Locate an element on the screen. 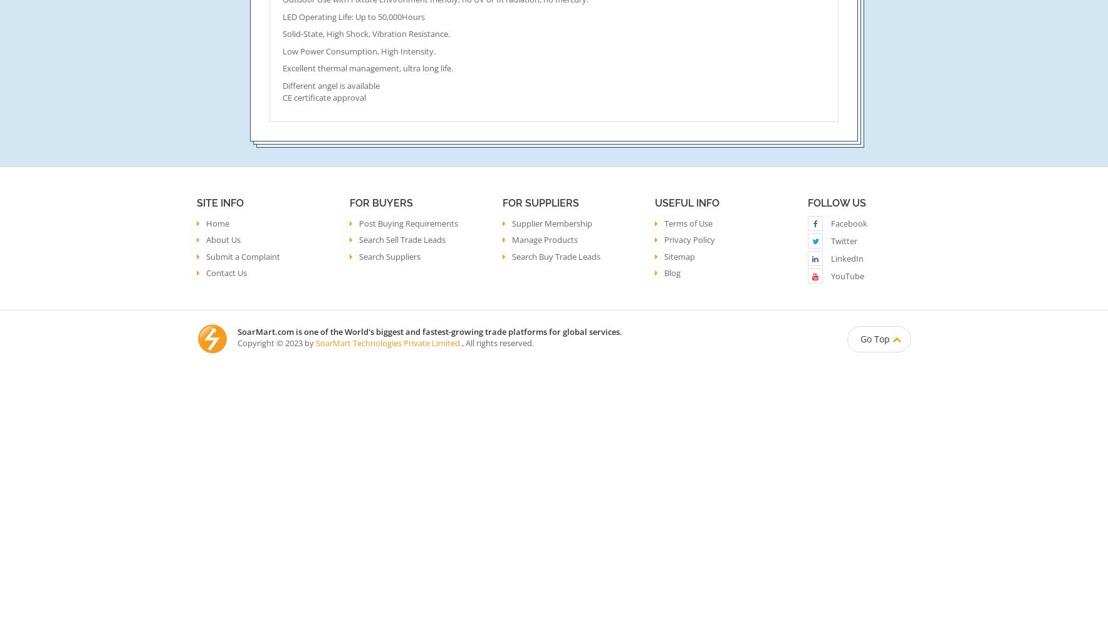 The height and width of the screenshot is (626, 1108). 'Site Info' is located at coordinates (220, 202).